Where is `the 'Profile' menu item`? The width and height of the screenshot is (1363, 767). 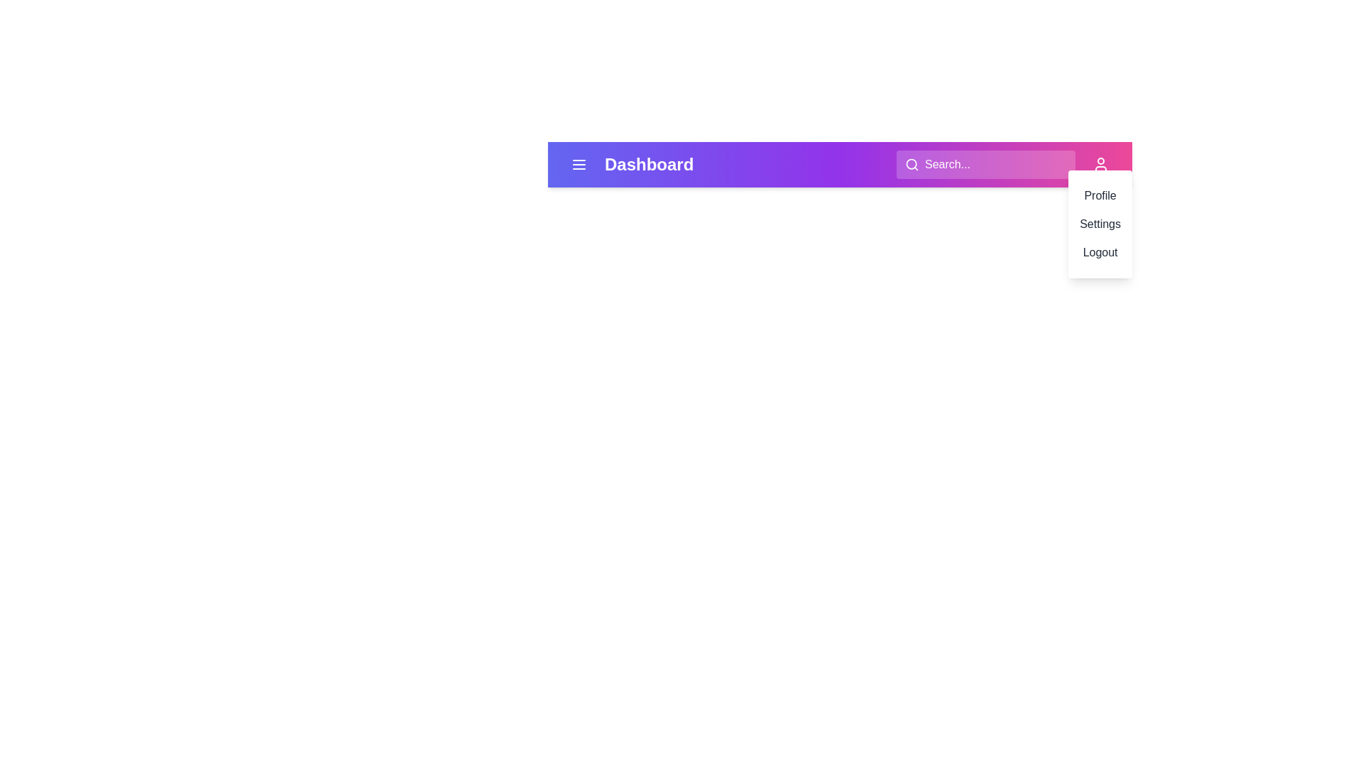
the 'Profile' menu item is located at coordinates (1100, 196).